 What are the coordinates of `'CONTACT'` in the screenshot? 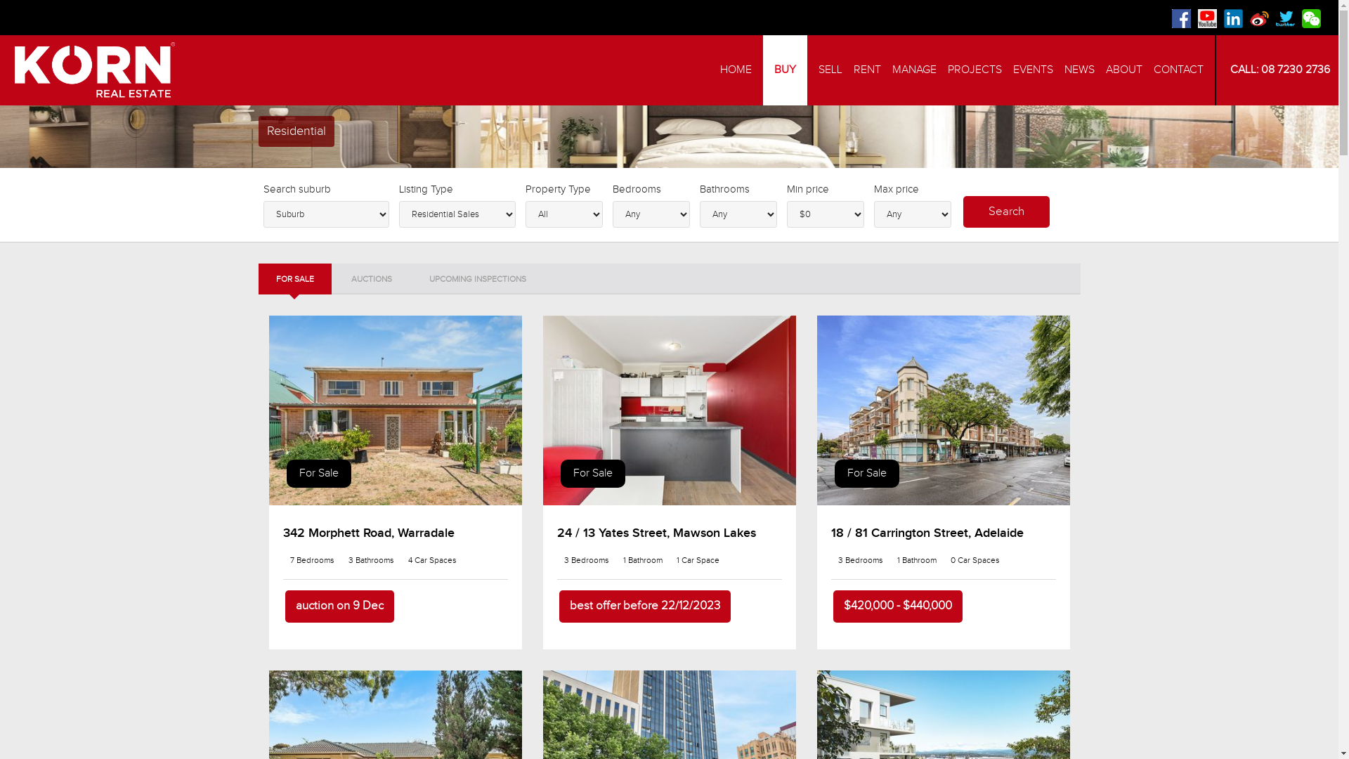 It's located at (1178, 70).